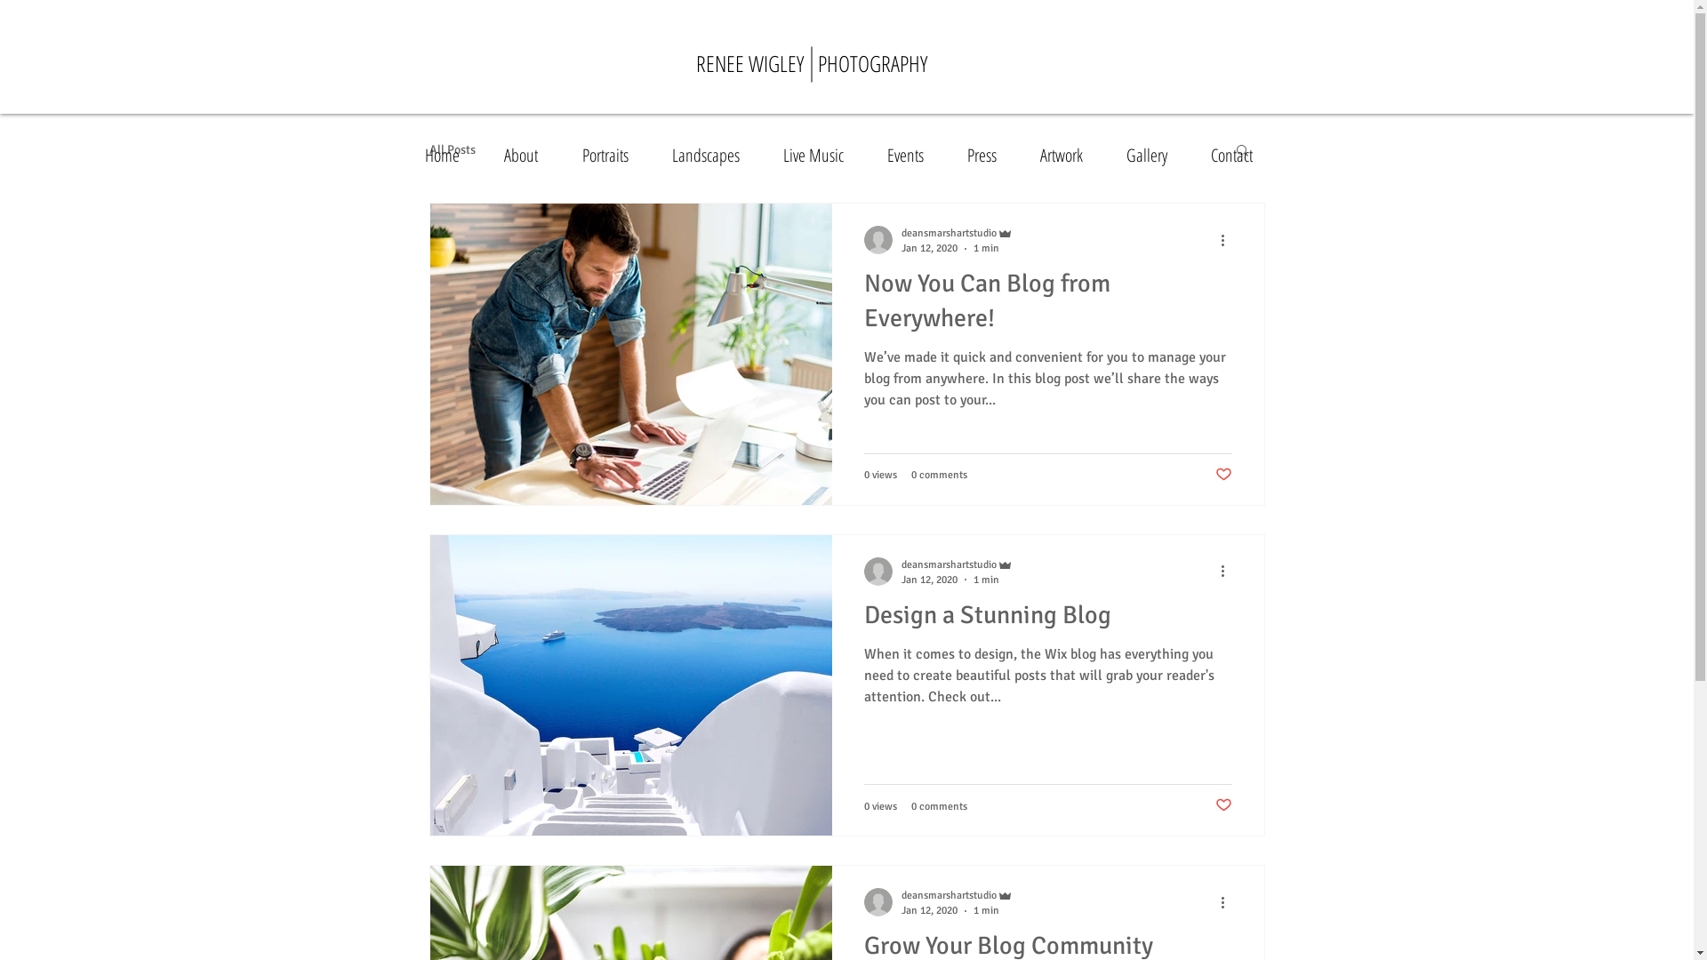  Describe the element at coordinates (713, 154) in the screenshot. I see `'Landscapes'` at that location.